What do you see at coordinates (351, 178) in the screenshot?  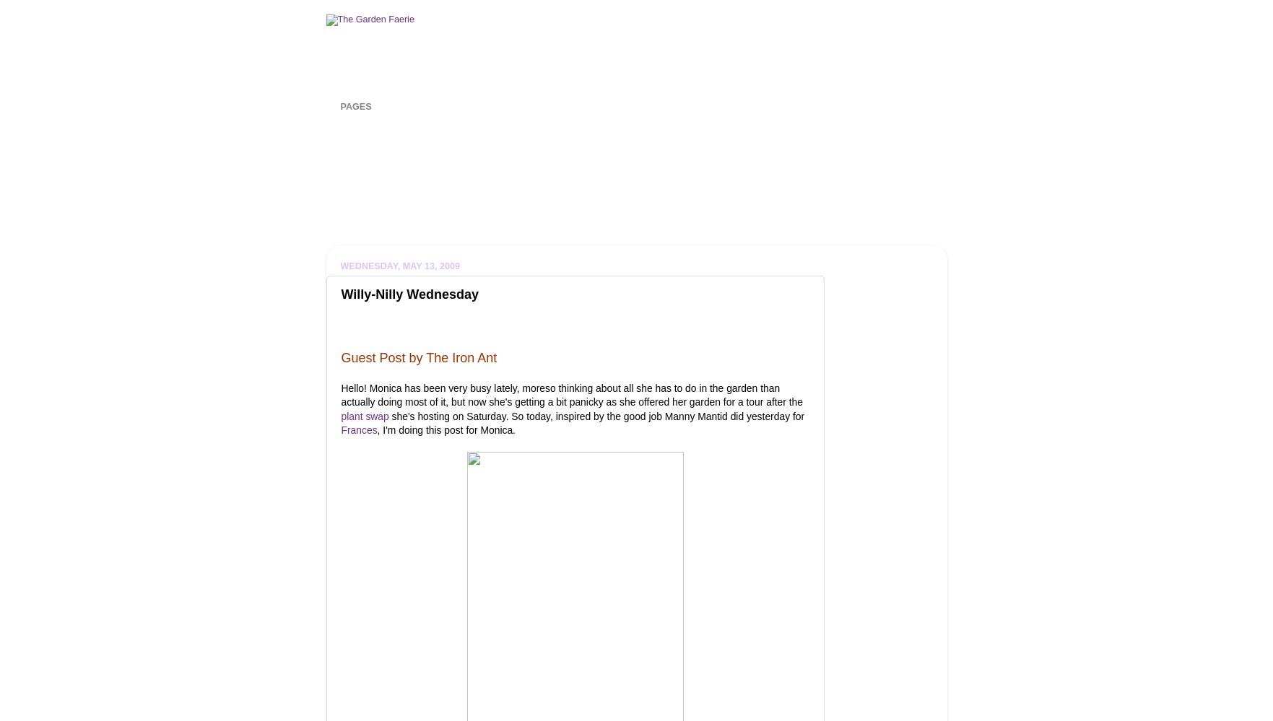 I see `'Winter Seed Sowing'` at bounding box center [351, 178].